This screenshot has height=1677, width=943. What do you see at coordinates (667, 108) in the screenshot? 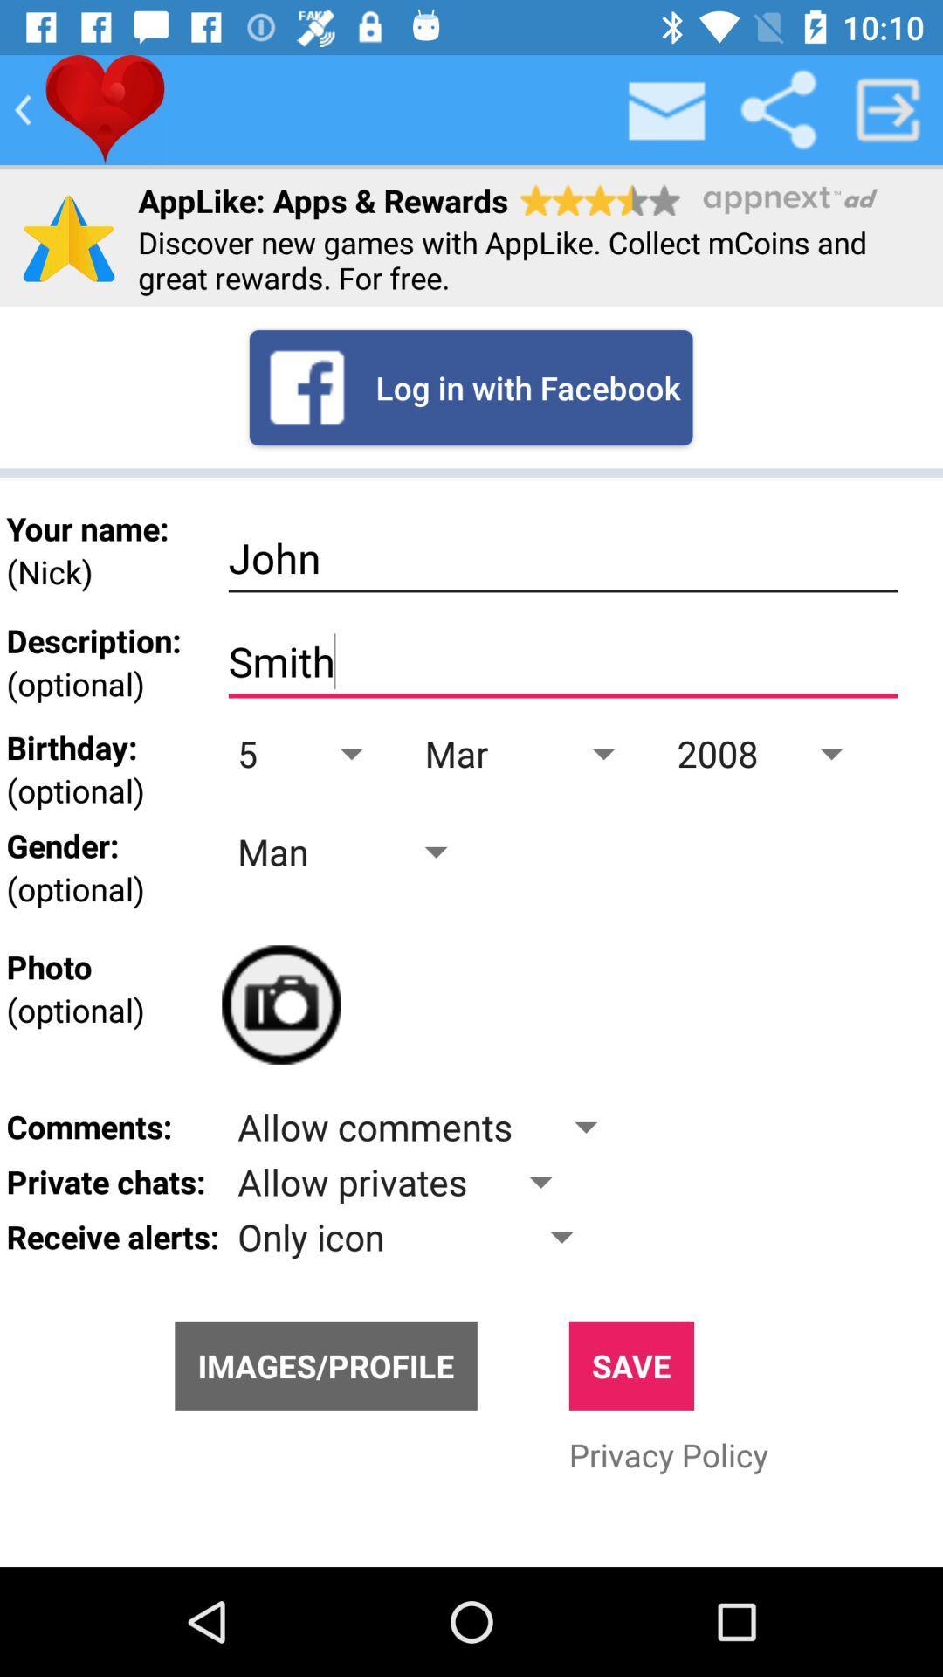
I see `message` at bounding box center [667, 108].